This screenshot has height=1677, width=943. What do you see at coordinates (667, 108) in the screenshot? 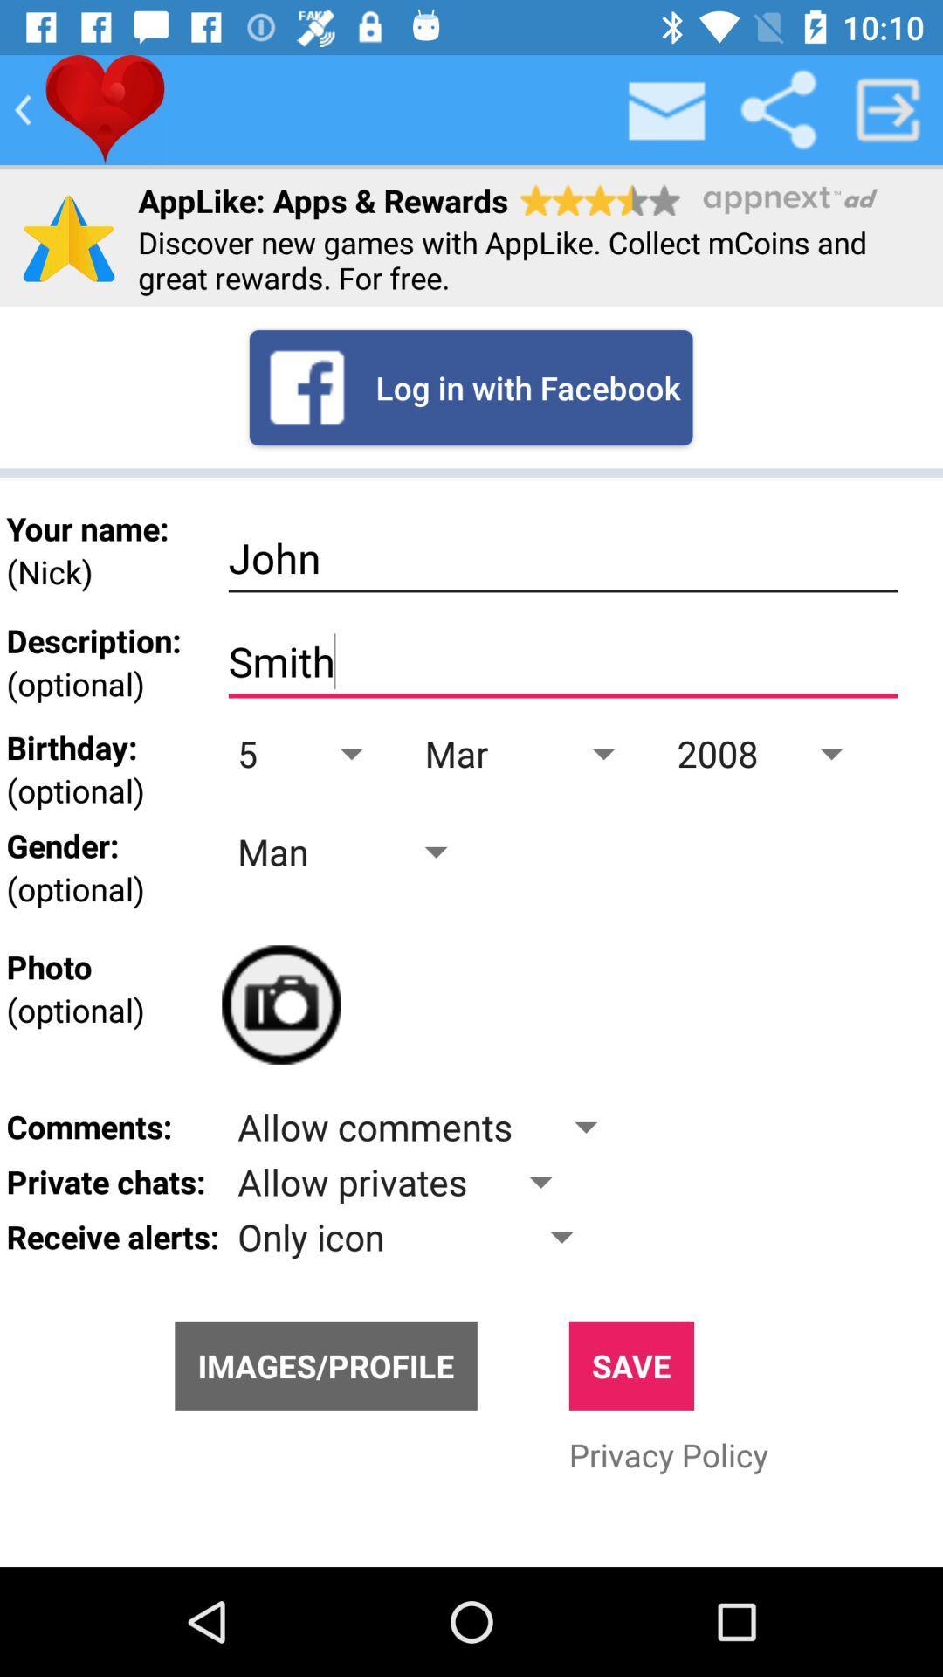
I see `message` at bounding box center [667, 108].